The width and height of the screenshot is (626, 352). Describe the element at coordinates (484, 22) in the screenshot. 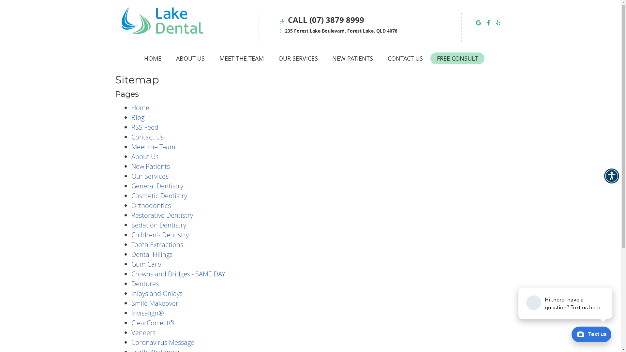

I see `'Facebook Social Button'` at that location.